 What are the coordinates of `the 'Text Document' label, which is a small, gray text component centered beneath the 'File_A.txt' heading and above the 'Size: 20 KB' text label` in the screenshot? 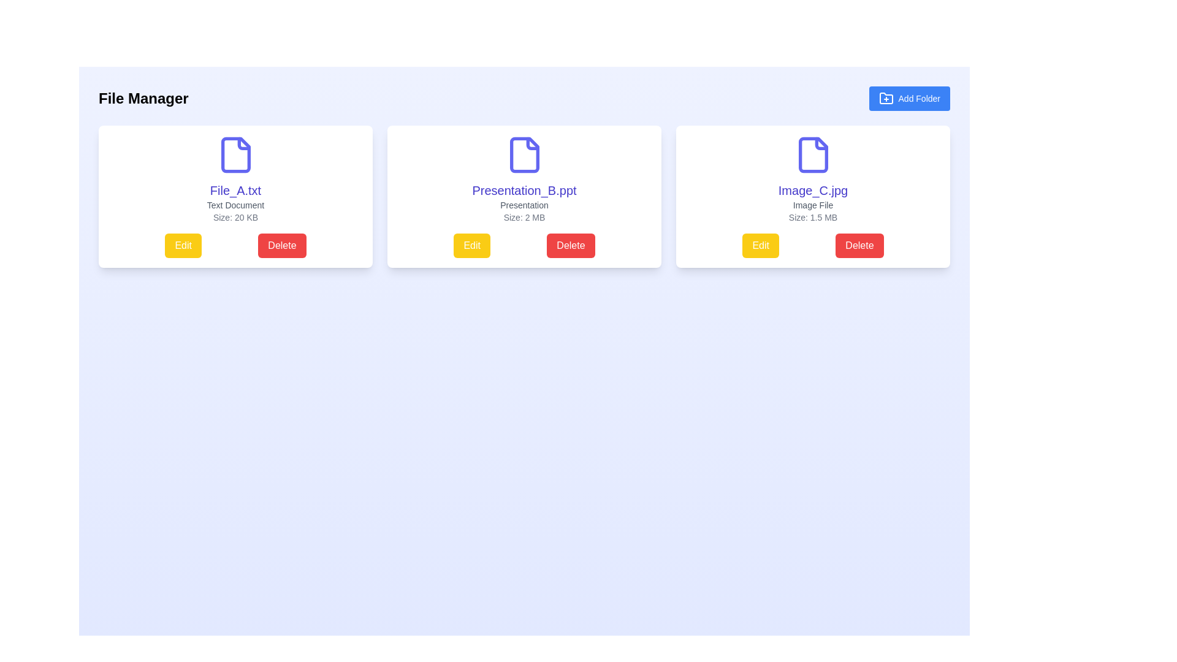 It's located at (235, 205).